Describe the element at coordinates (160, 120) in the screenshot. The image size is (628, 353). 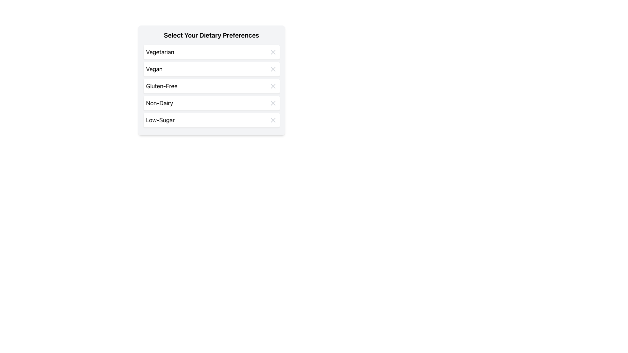
I see `the text label representing the selected dietary preference 'Low-Sugar', located inside a card under the section header 'Select Your Dietary Preferences', which is the fifth item in a vertical list of dietary options` at that location.